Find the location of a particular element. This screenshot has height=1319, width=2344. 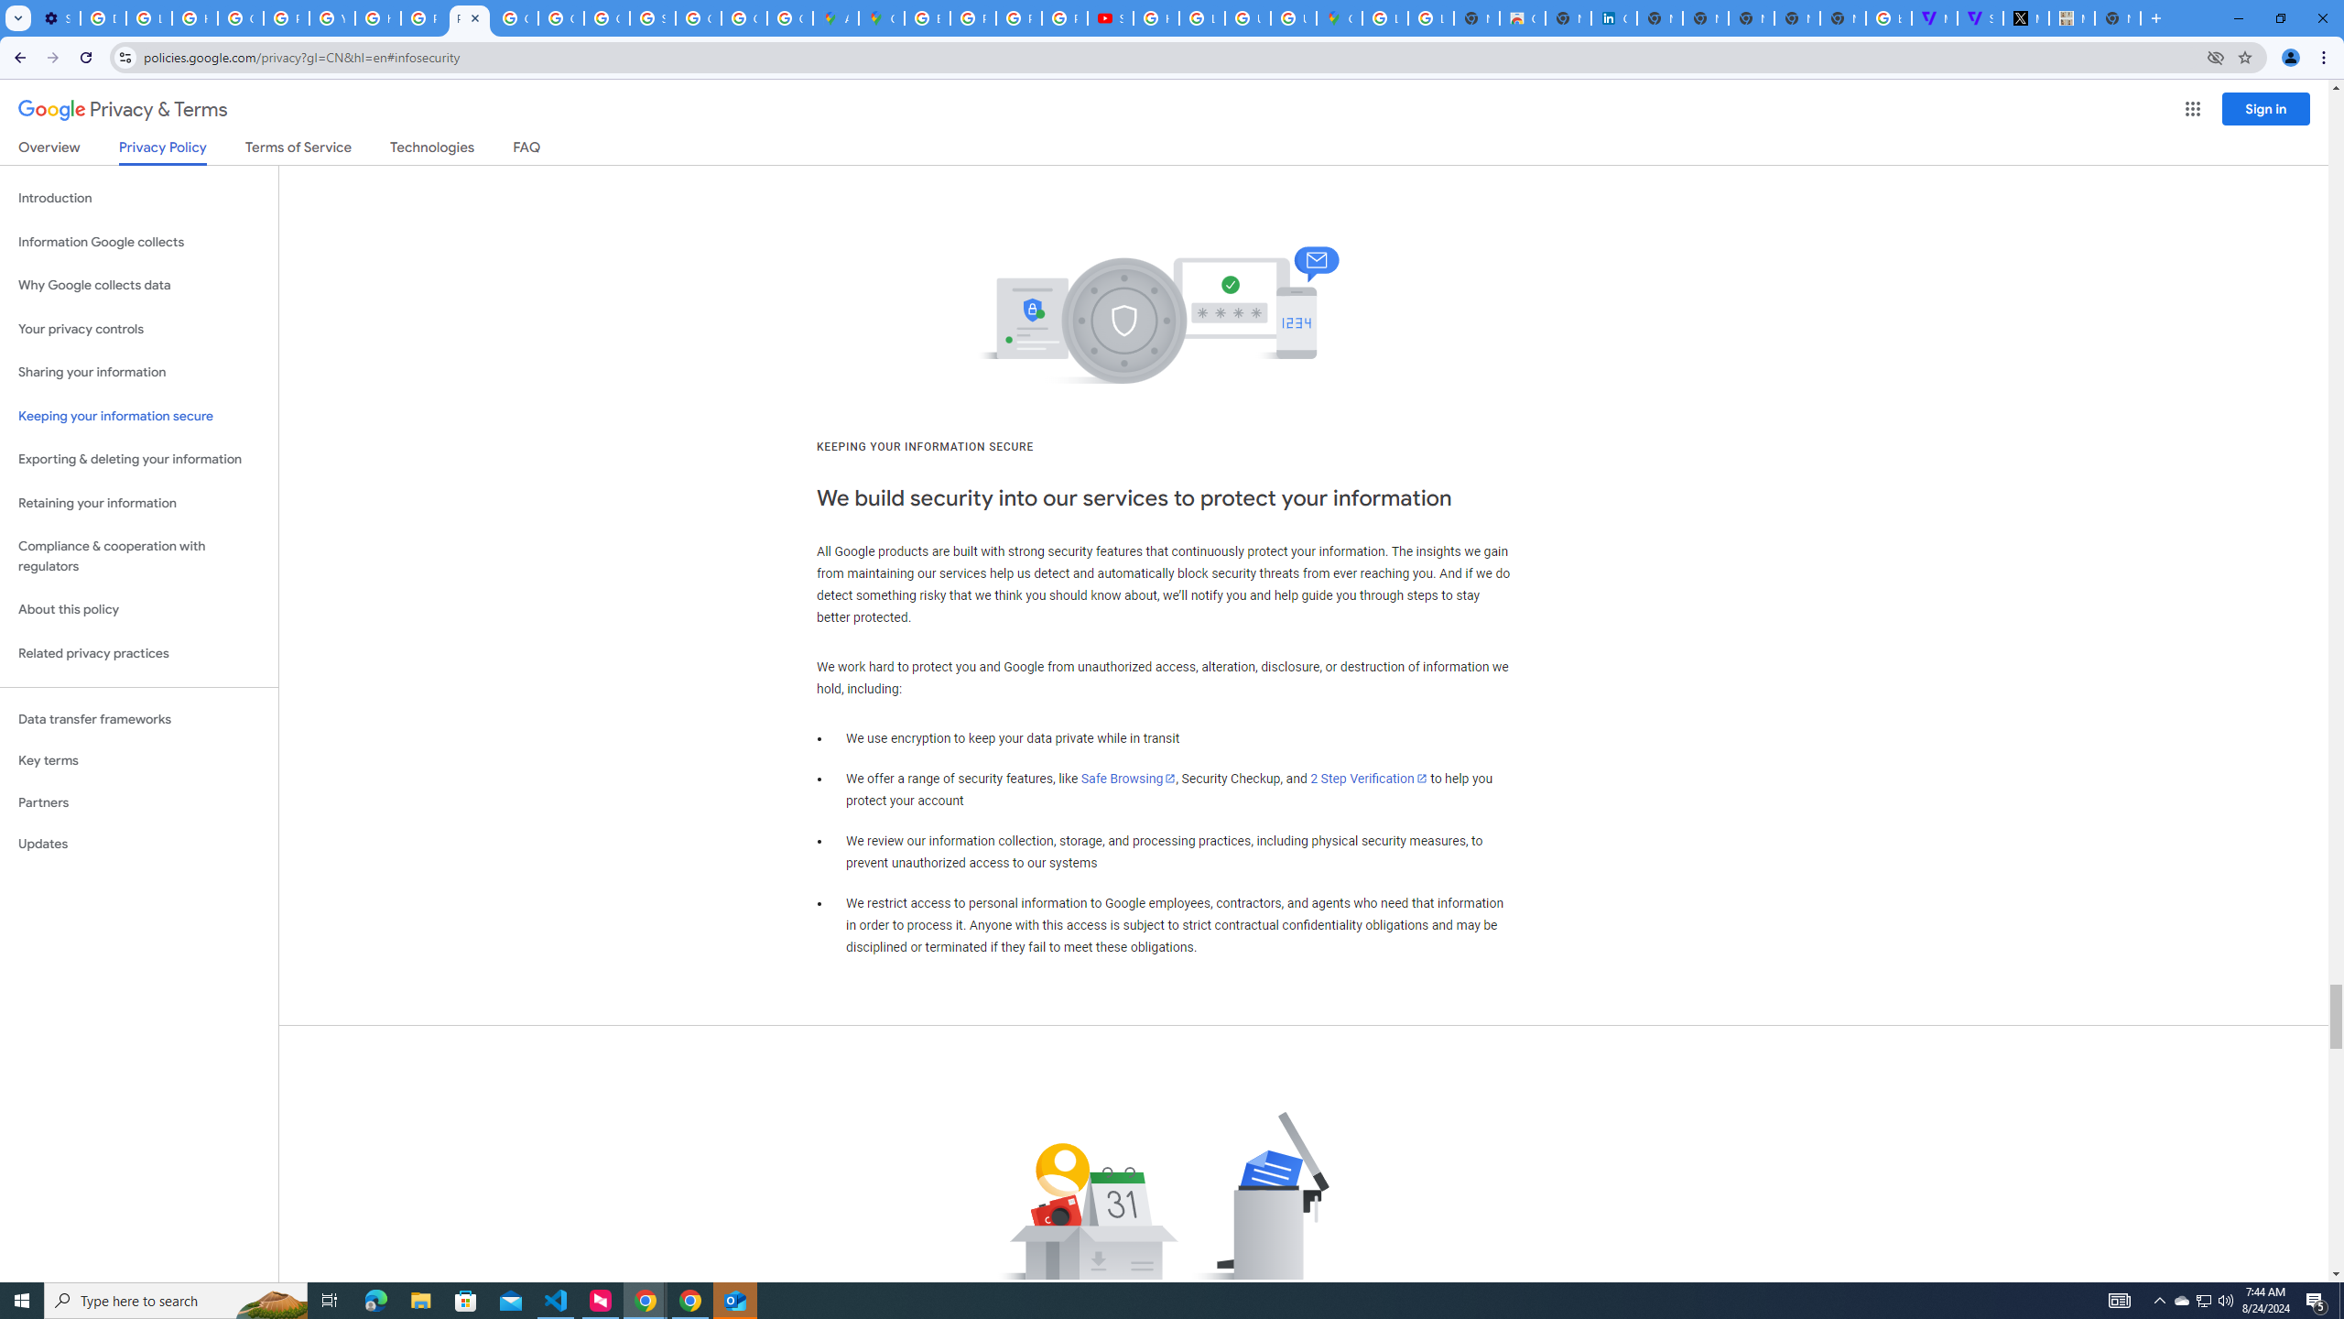

'Exporting & deleting your information' is located at coordinates (138, 459).